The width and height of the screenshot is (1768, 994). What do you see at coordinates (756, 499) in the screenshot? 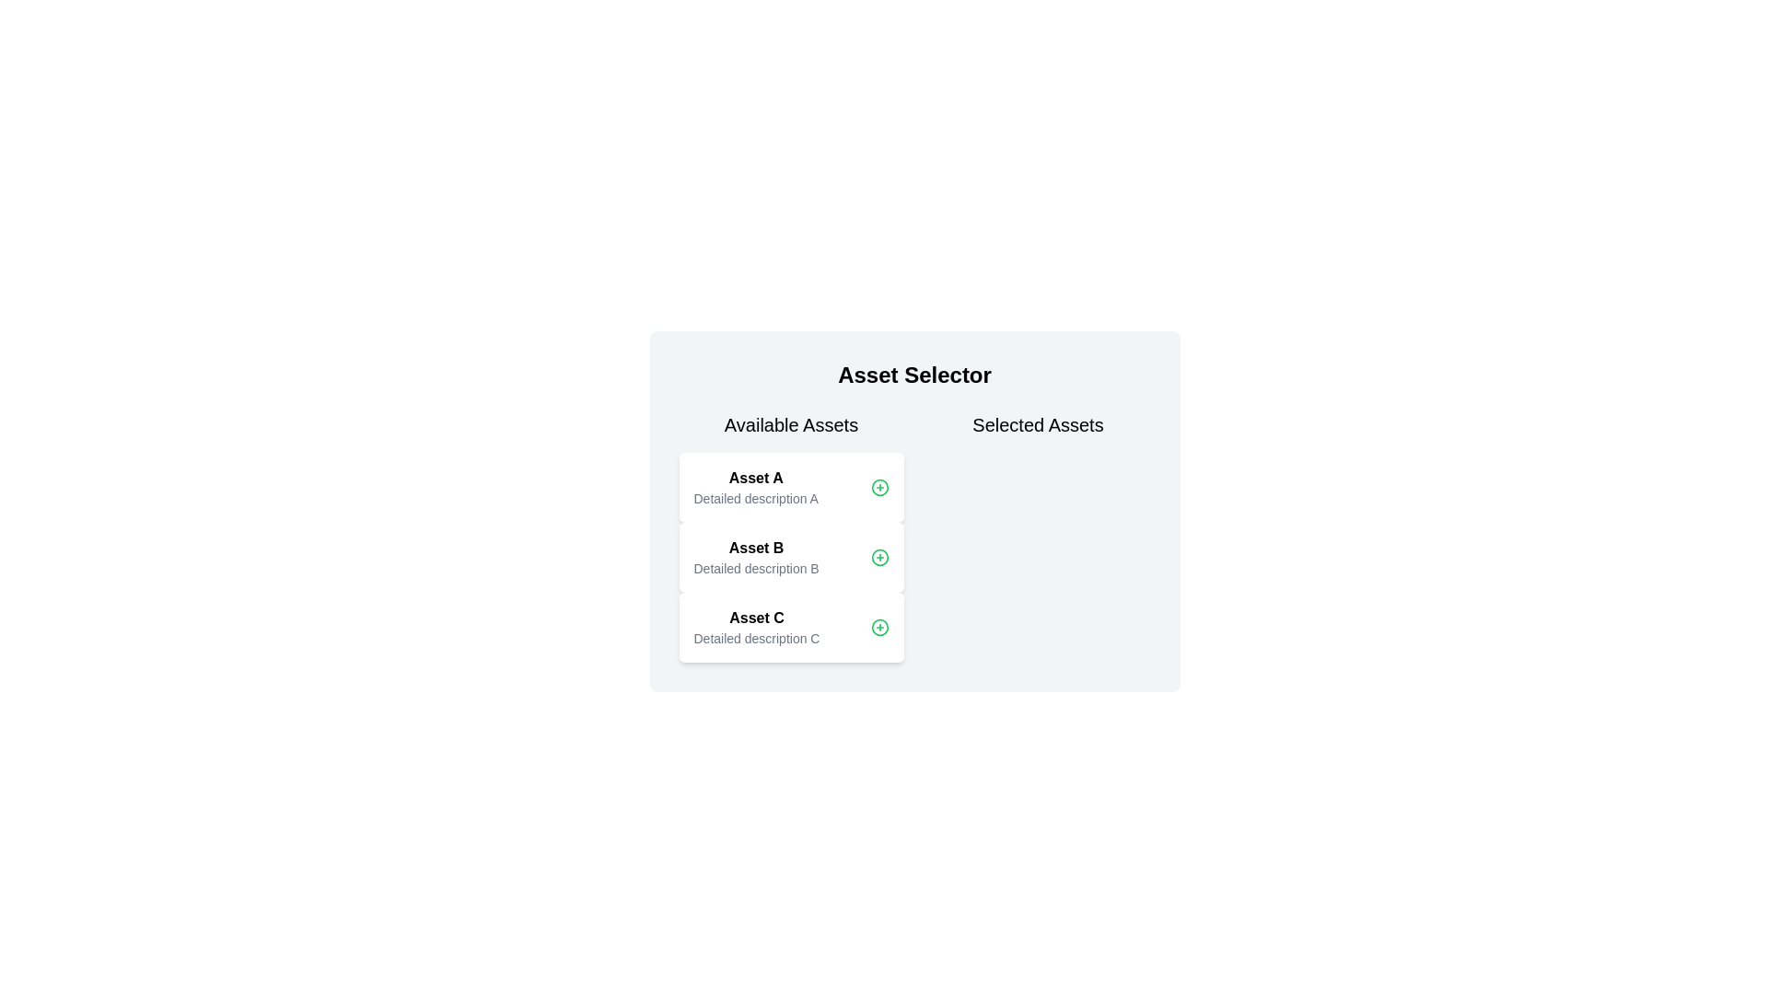
I see `the descriptive text label for 'Asset A', located in the 'Available Assets' section, positioned centrally beneath the 'Asset A' label` at bounding box center [756, 499].